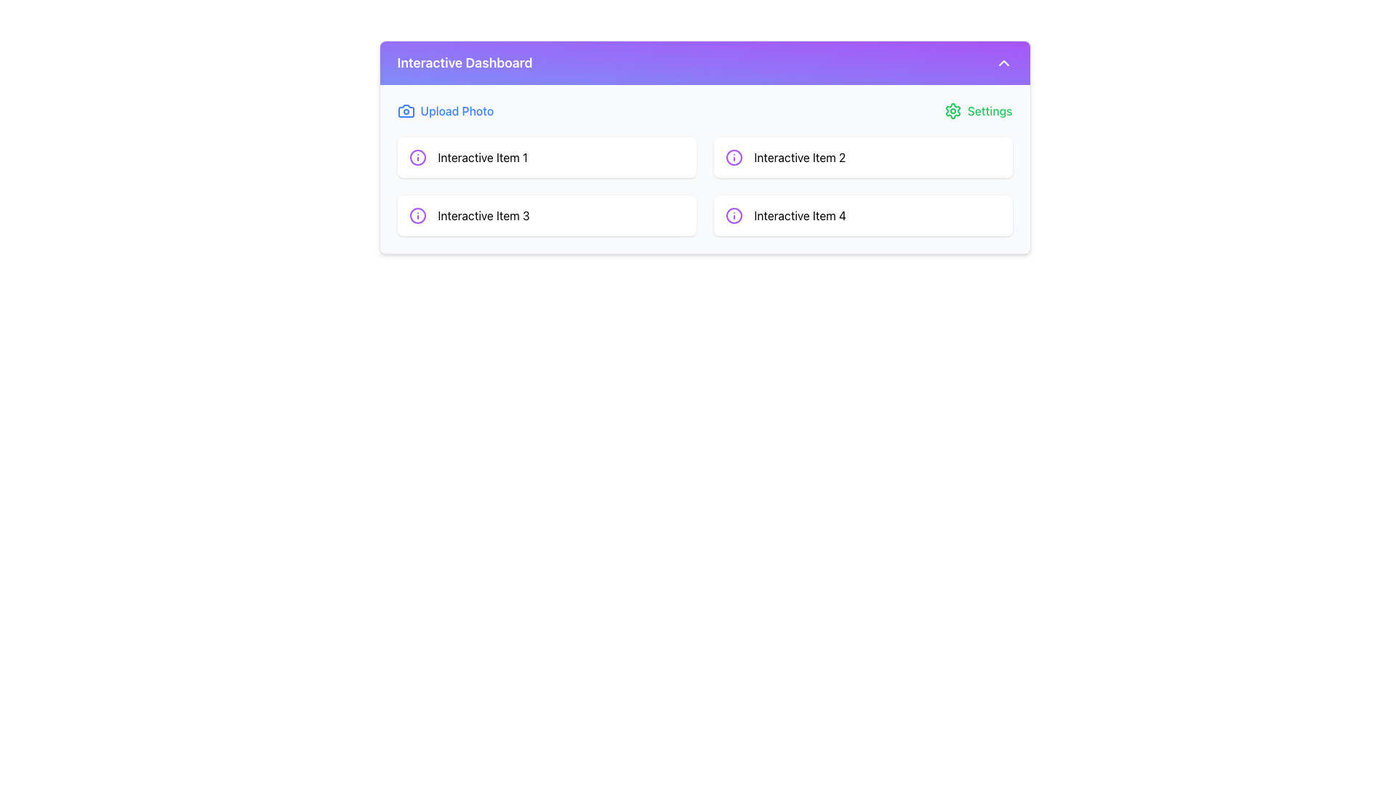 The width and height of the screenshot is (1396, 785). I want to click on on the informative Card element located in the bottom-left corner of the grid layout, specifically the third item below 'Interactive Item 1', so click(546, 216).